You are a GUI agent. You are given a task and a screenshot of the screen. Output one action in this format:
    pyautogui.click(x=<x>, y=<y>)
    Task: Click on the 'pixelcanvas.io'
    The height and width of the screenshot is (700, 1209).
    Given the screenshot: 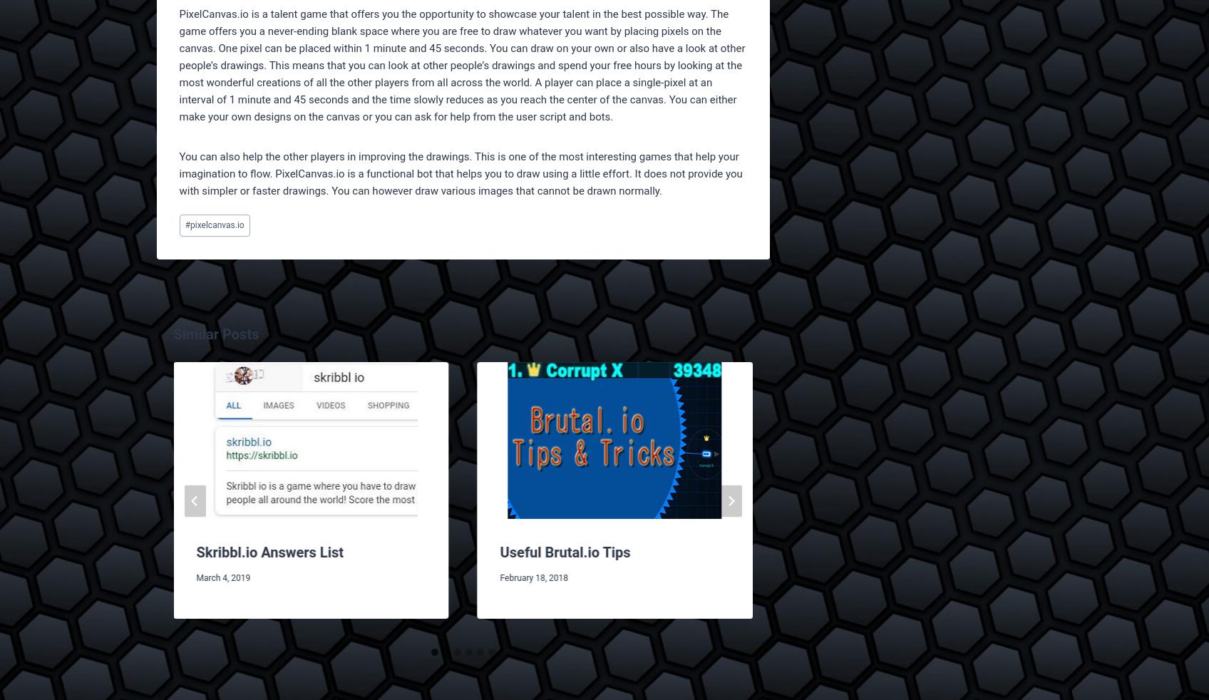 What is the action you would take?
    pyautogui.click(x=217, y=225)
    